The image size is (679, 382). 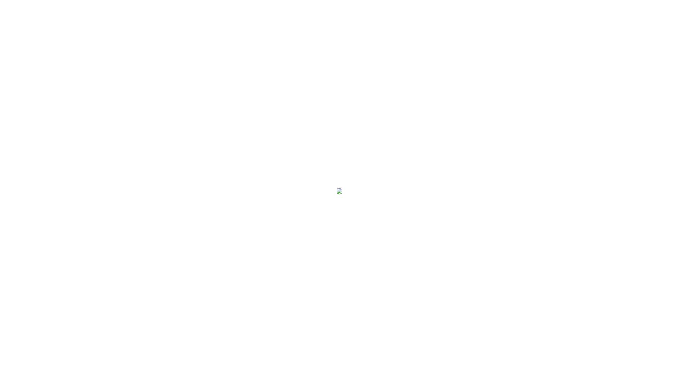 What do you see at coordinates (43, 41) in the screenshot?
I see `'RESTAURANT'` at bounding box center [43, 41].